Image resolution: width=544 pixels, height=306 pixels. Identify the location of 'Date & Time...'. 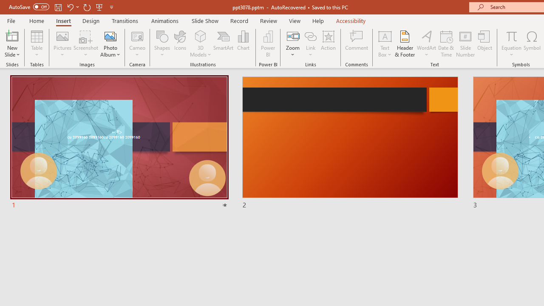
(446, 44).